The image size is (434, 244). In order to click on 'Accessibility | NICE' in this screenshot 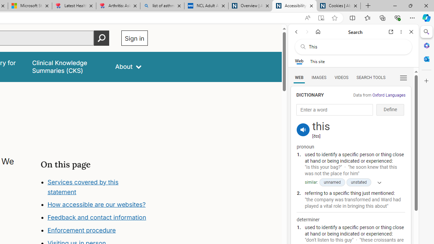, I will do `click(294, 6)`.